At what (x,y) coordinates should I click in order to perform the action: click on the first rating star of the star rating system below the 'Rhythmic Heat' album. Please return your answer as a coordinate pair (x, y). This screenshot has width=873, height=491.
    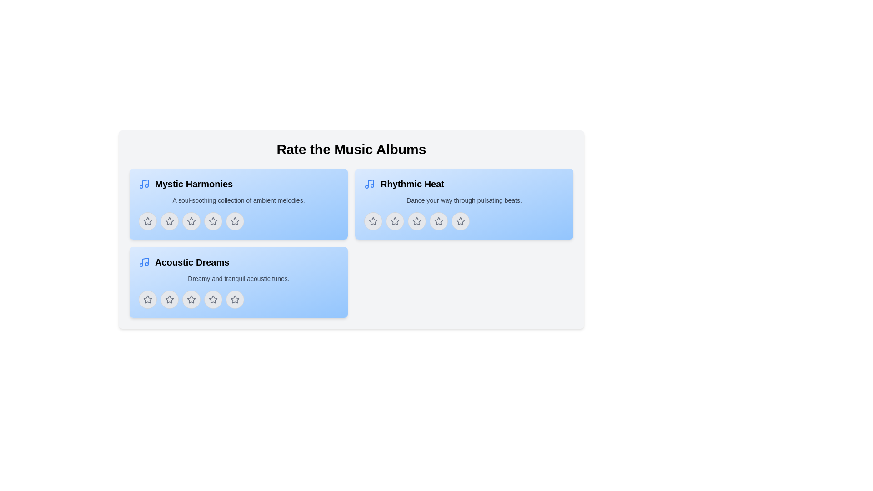
    Looking at the image, I should click on (395, 221).